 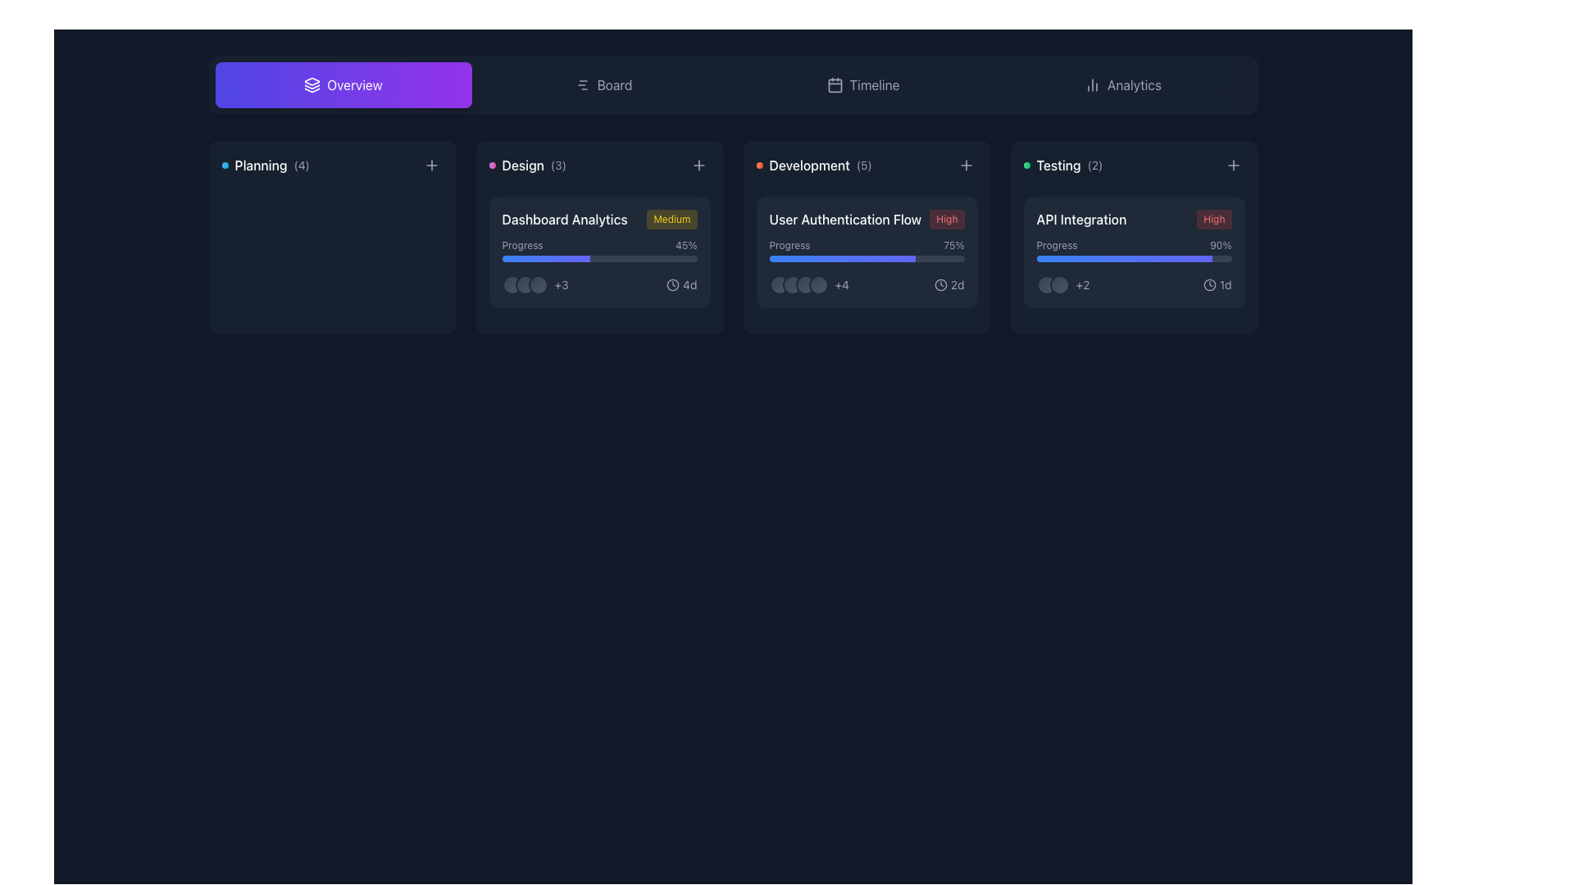 What do you see at coordinates (525, 284) in the screenshot?
I see `the second circular icon with a gradient fill in the 'Design' category card, which is horizontally aligned with two other similar icons` at bounding box center [525, 284].